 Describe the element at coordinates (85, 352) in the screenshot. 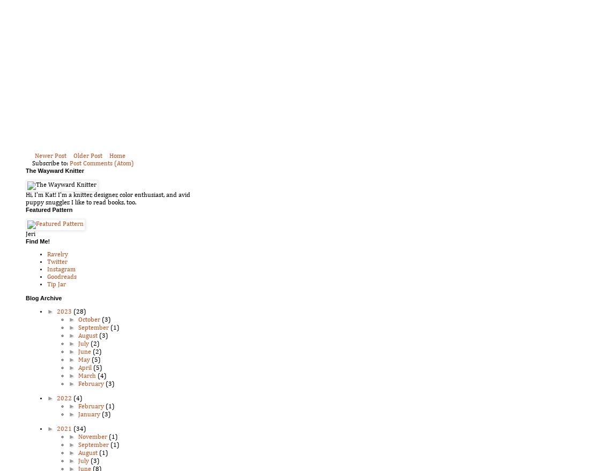

I see `'June'` at that location.